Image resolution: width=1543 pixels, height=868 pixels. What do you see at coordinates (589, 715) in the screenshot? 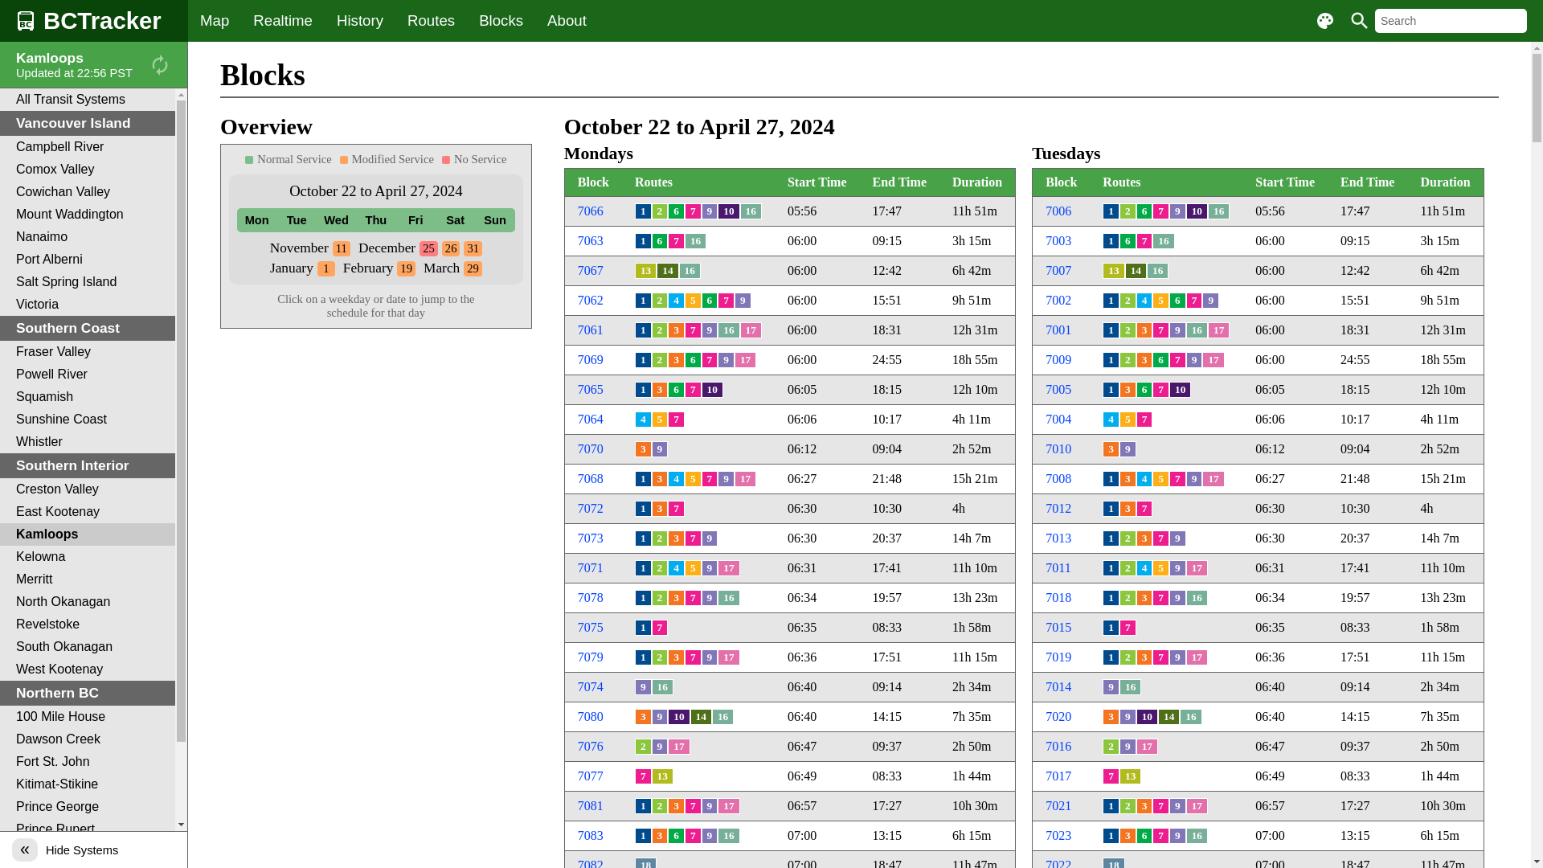
I see `'7080'` at bounding box center [589, 715].